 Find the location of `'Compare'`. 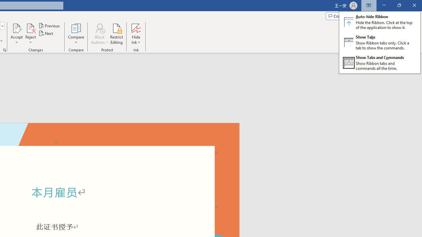

'Compare' is located at coordinates (76, 34).